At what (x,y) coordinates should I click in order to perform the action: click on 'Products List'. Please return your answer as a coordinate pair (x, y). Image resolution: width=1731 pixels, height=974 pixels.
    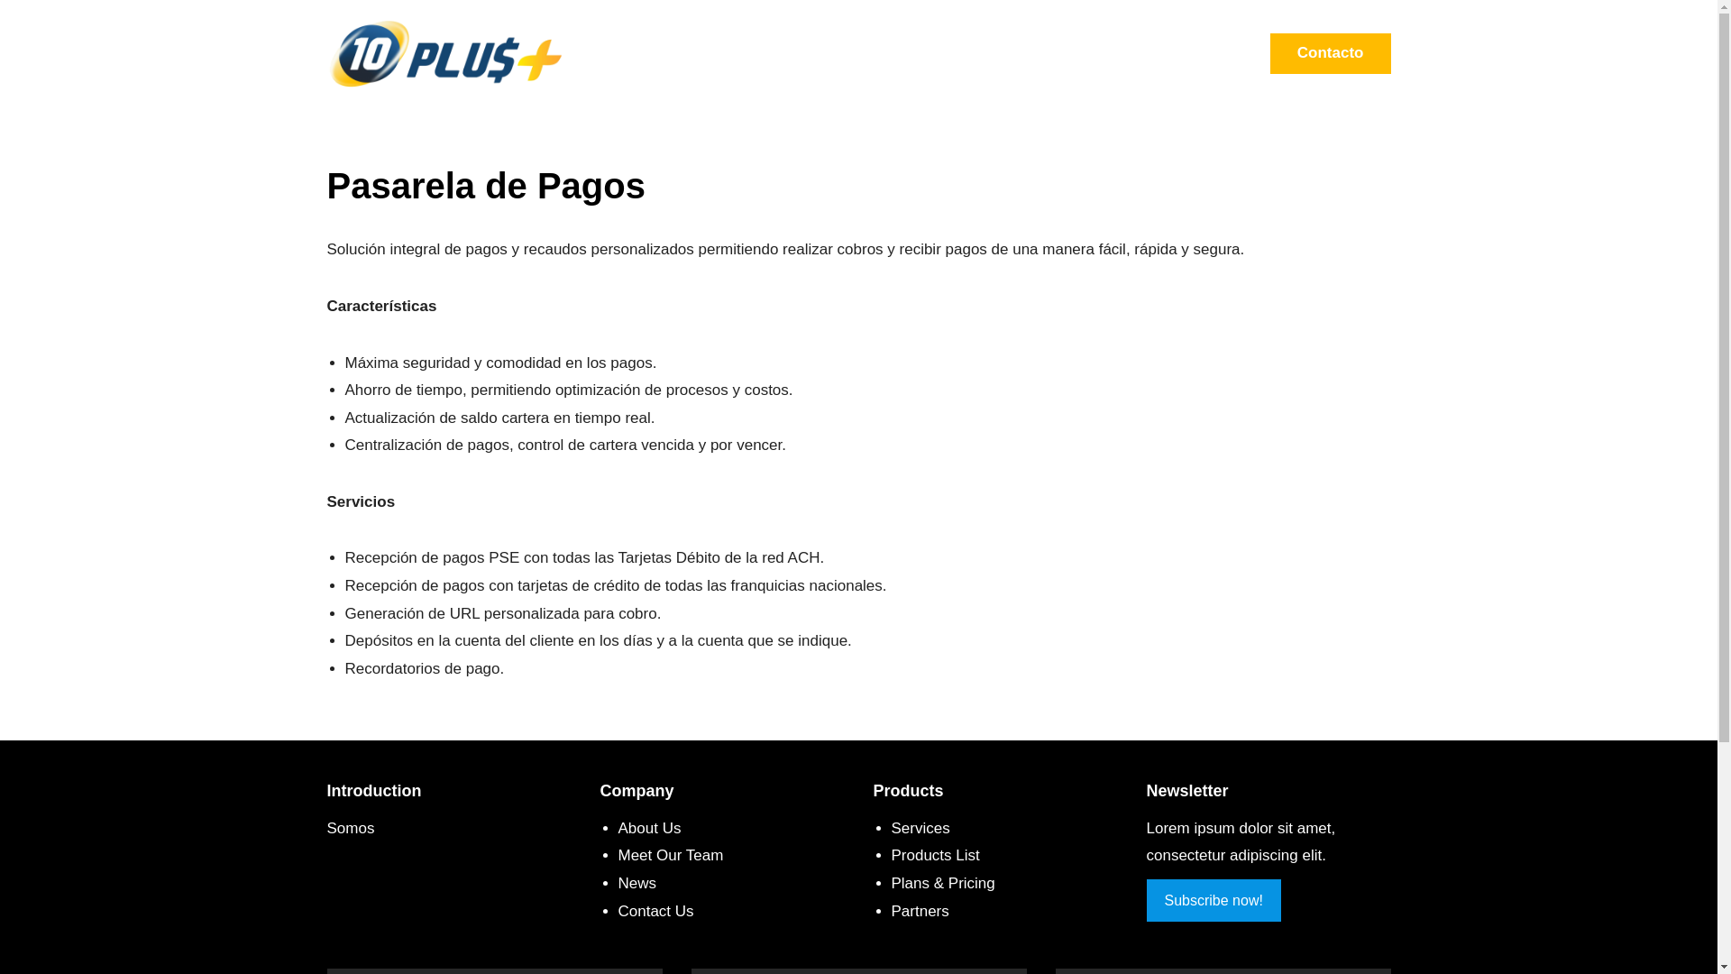
    Looking at the image, I should click on (891, 854).